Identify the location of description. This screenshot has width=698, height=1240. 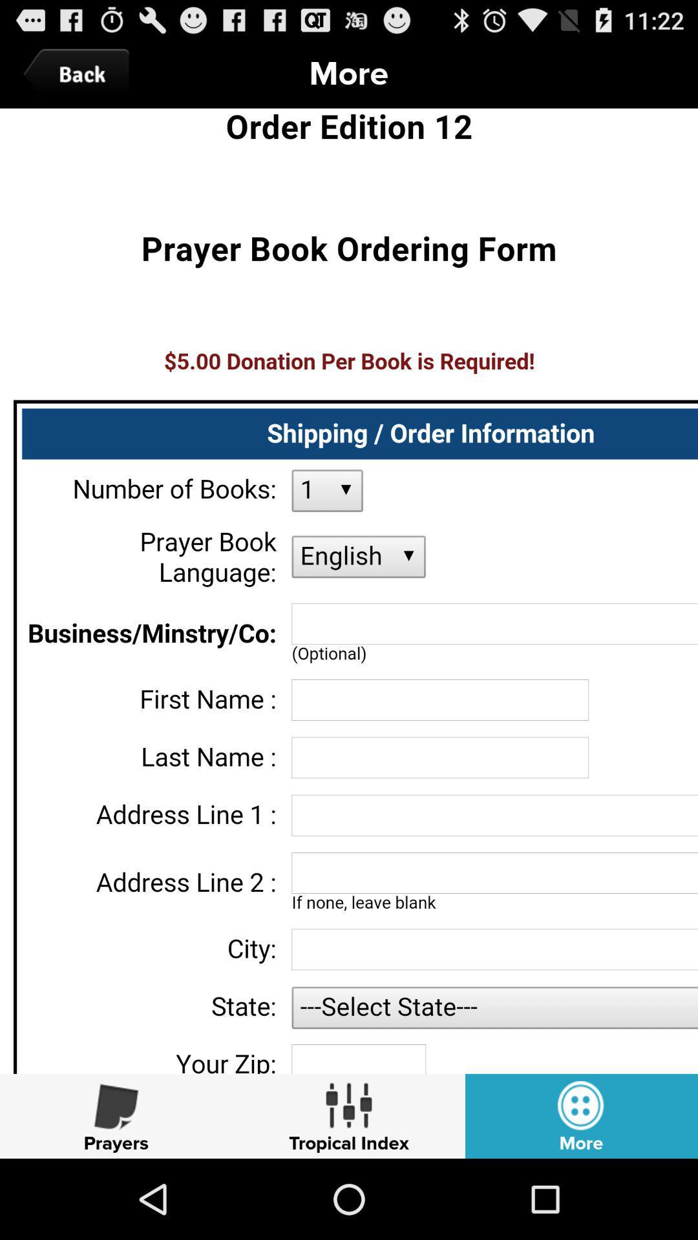
(349, 590).